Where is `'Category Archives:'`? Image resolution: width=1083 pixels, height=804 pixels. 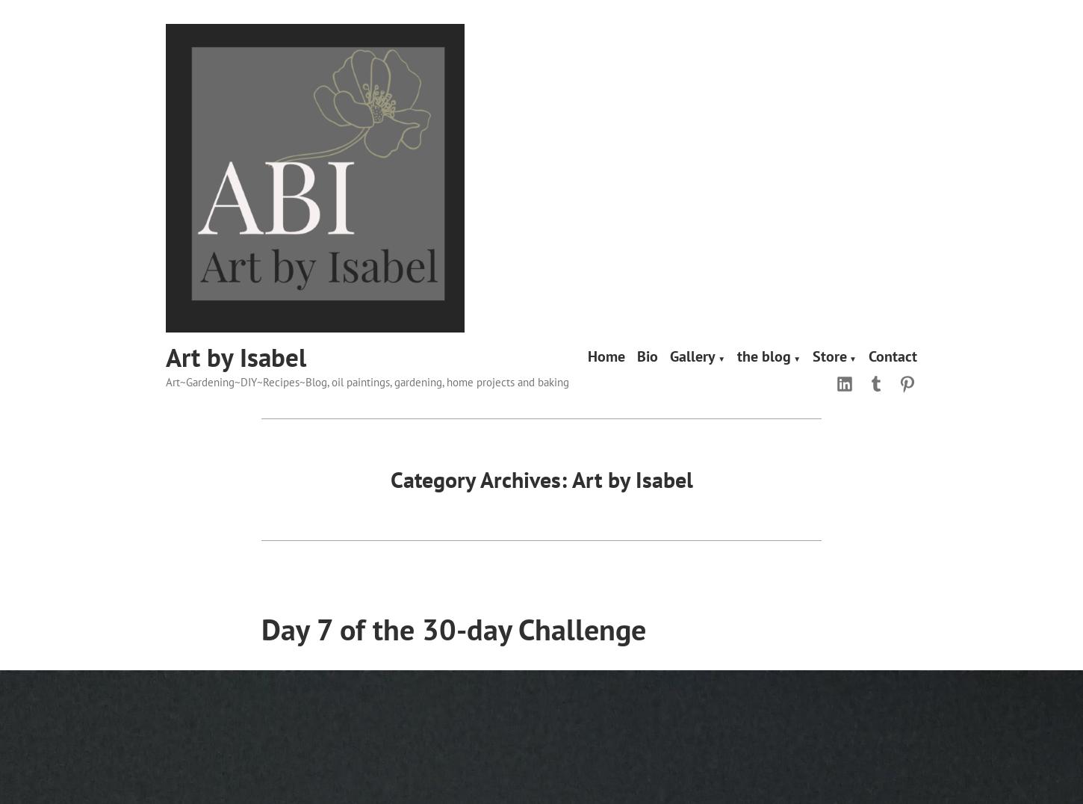
'Category Archives:' is located at coordinates (480, 477).